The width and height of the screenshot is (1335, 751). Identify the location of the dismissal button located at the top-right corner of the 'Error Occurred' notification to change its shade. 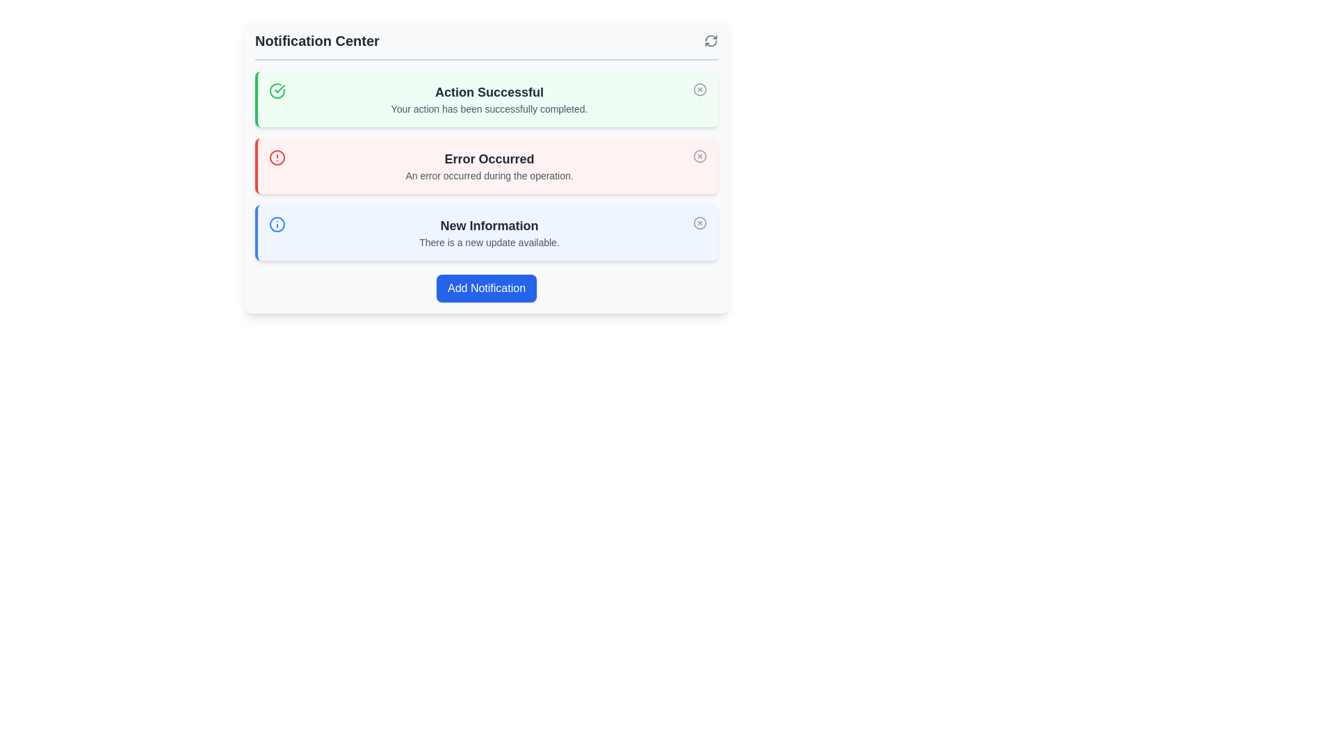
(700, 156).